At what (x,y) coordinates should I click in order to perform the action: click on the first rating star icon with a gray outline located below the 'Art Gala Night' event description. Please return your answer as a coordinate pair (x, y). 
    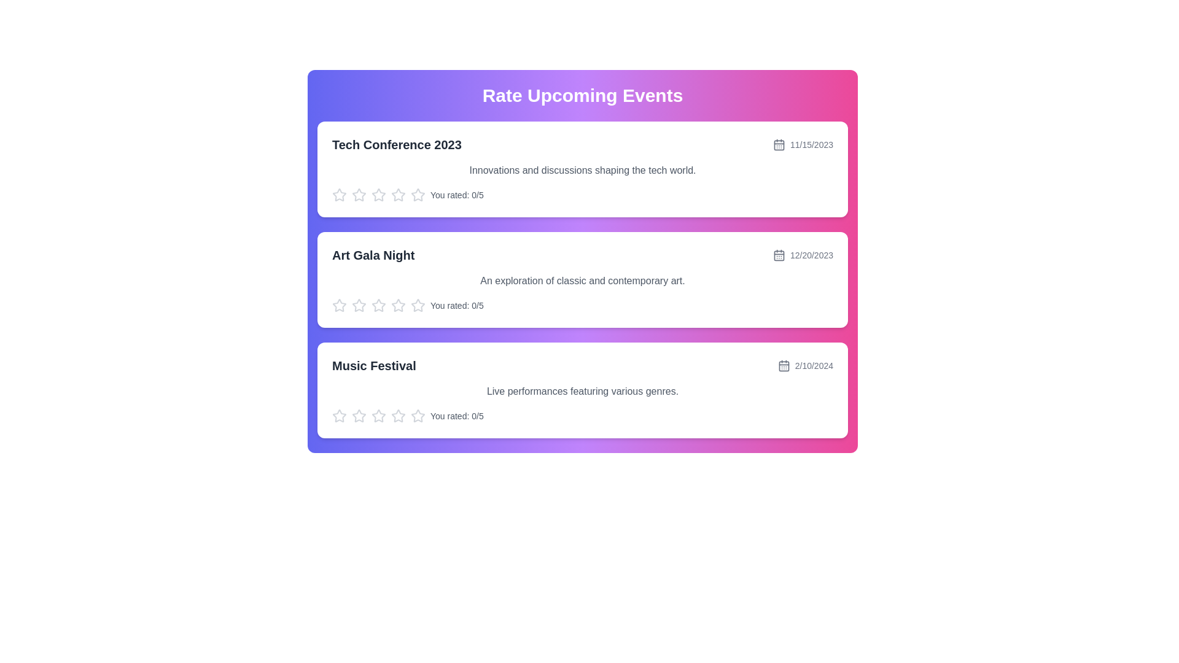
    Looking at the image, I should click on (359, 304).